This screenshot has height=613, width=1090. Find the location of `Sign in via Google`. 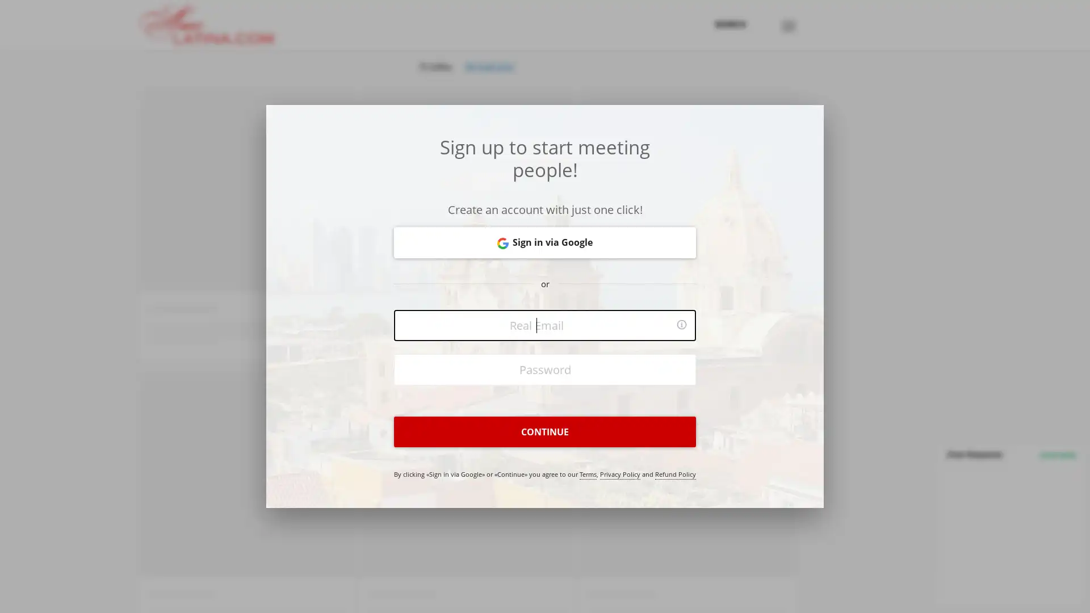

Sign in via Google is located at coordinates (545, 241).